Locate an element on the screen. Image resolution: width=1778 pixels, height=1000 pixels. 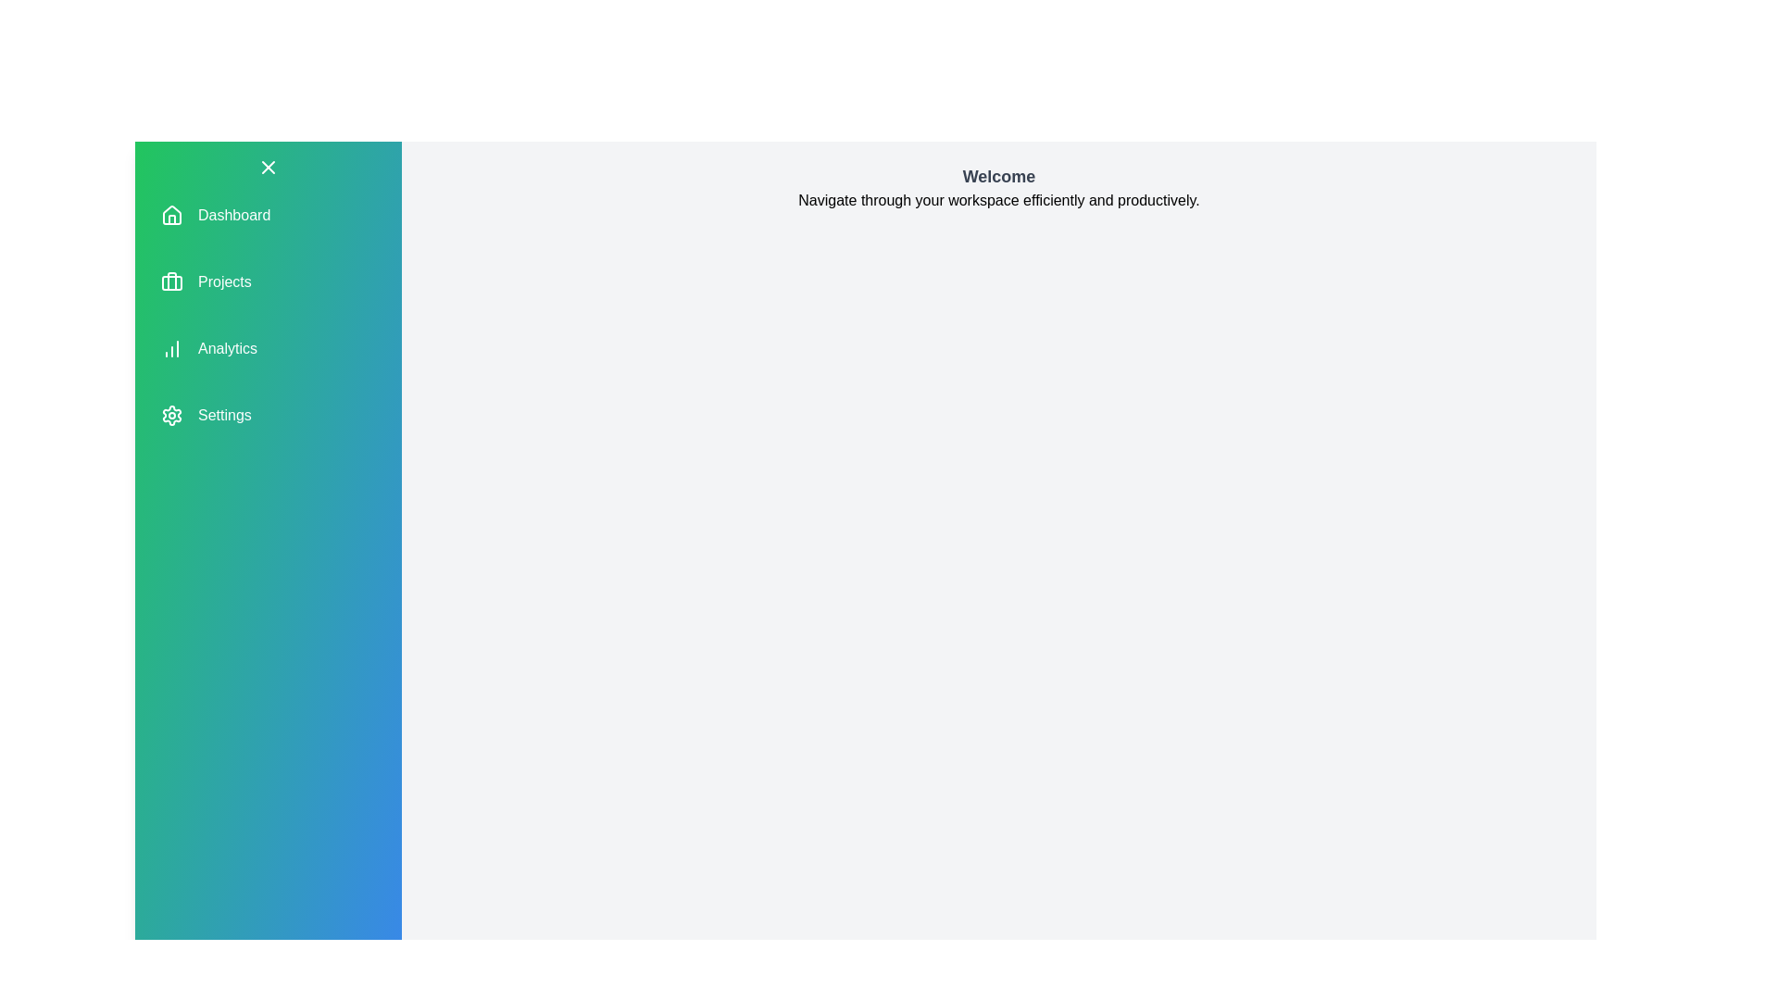
the toggle button to open or close the navigation drawer is located at coordinates (267, 168).